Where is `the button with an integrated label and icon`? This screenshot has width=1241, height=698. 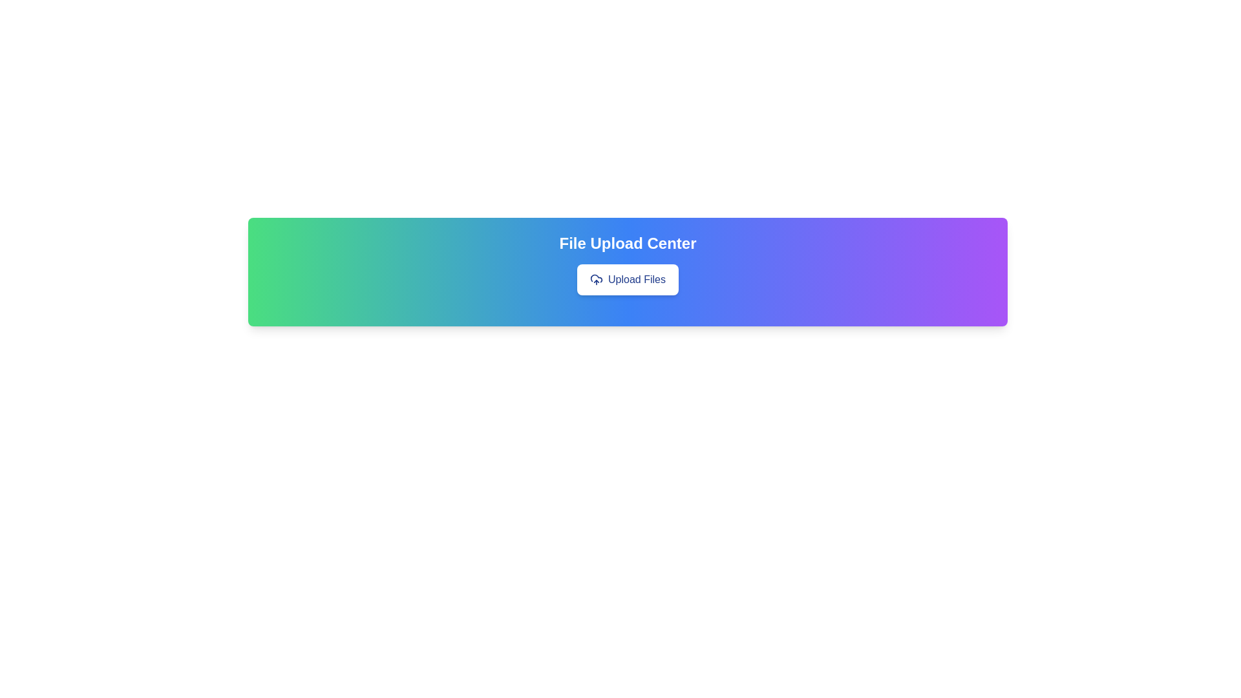 the button with an integrated label and icon is located at coordinates (628, 279).